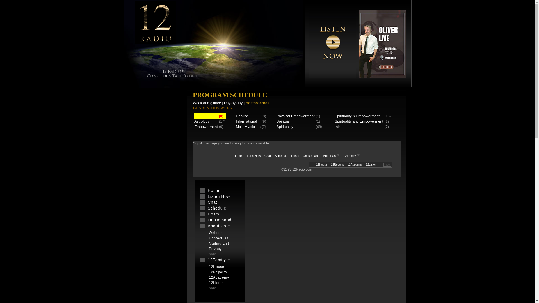 Image resolution: width=539 pixels, height=303 pixels. I want to click on 'Empowerment', so click(206, 127).